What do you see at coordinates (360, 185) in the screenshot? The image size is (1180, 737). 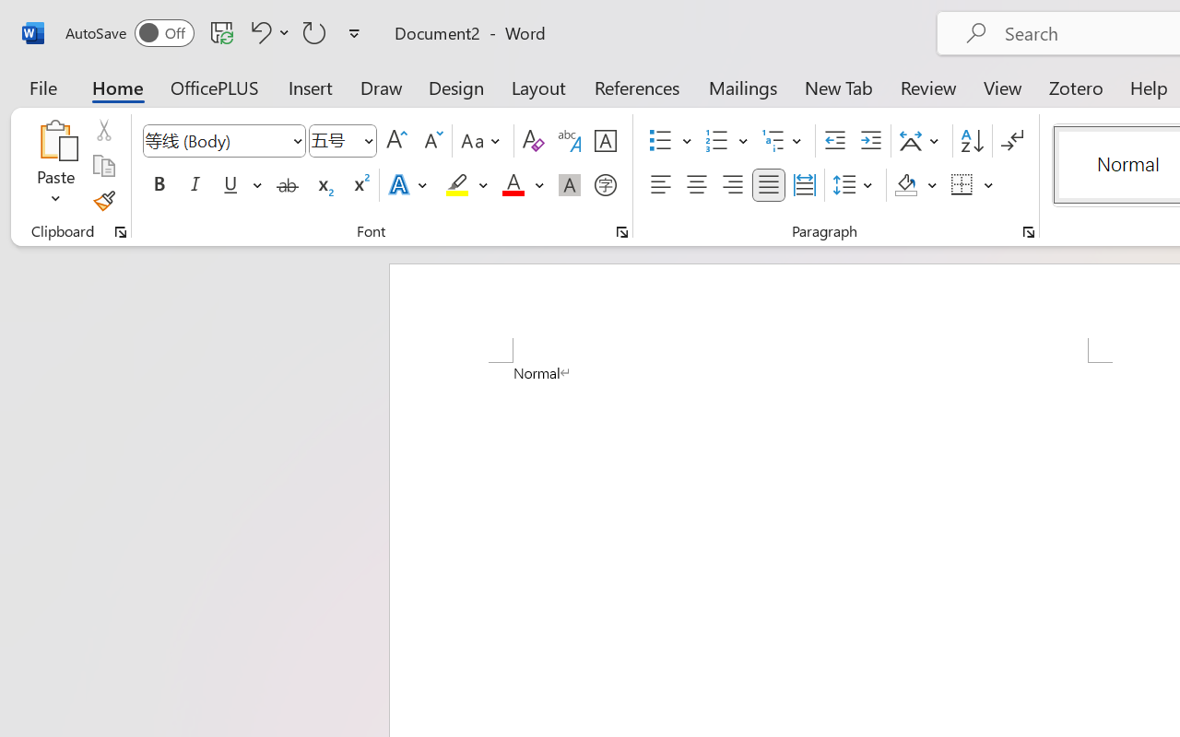 I see `'Superscript'` at bounding box center [360, 185].